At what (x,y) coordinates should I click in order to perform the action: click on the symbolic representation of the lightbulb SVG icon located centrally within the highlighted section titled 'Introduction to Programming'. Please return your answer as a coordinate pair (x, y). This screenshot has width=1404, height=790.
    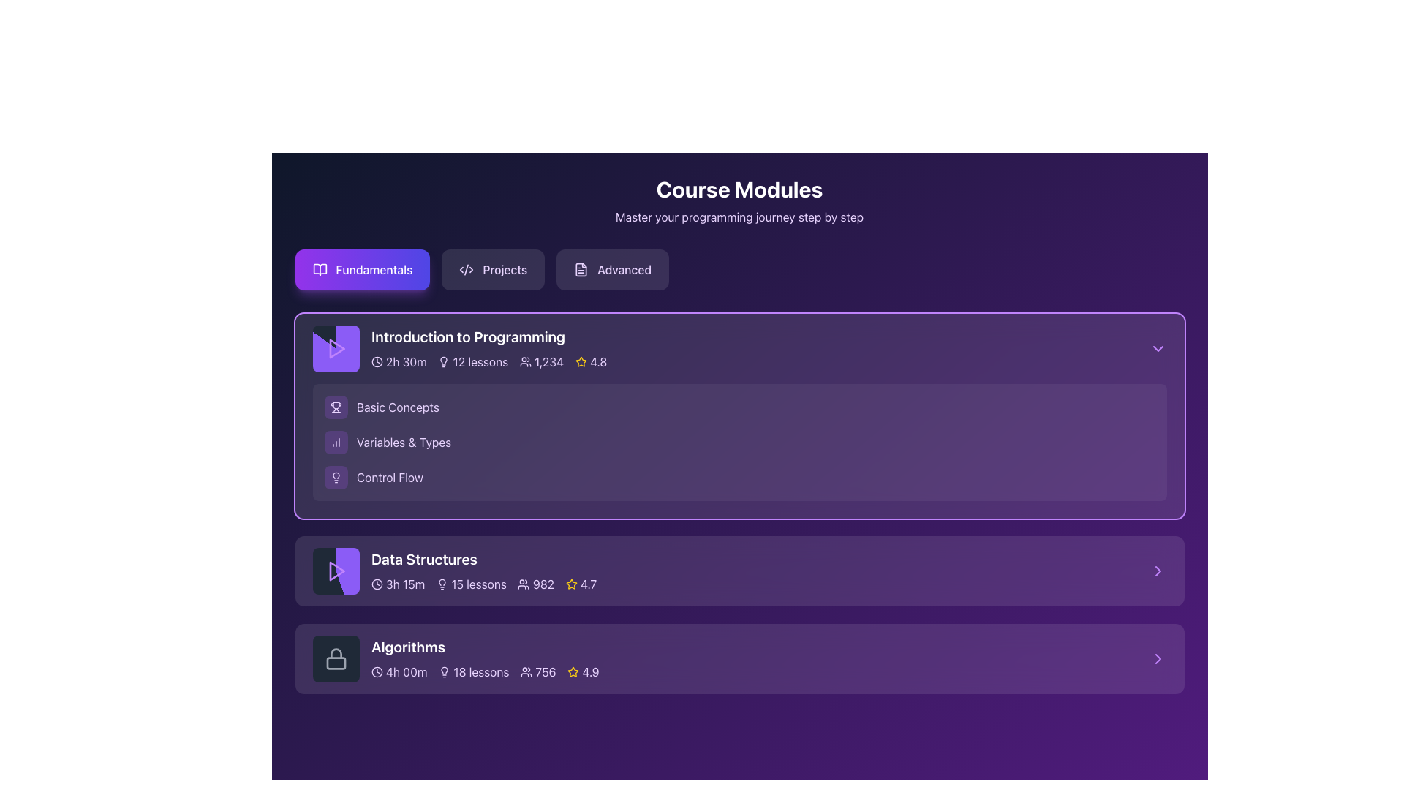
    Looking at the image, I should click on (335, 477).